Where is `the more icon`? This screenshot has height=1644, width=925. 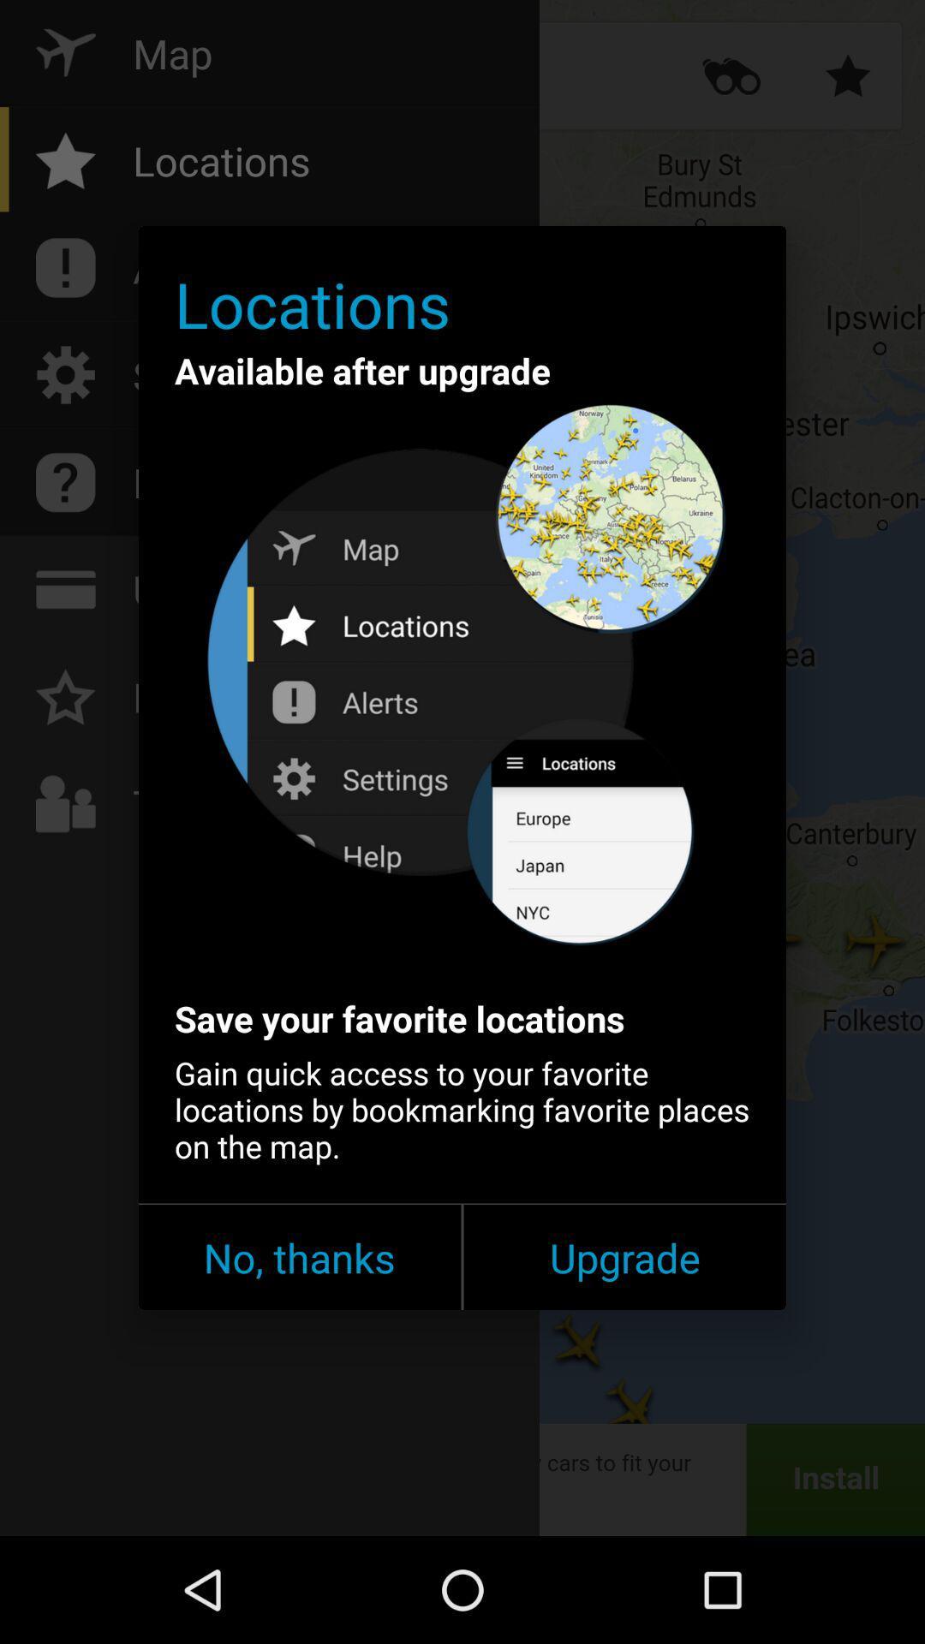
the more icon is located at coordinates (731, 75).